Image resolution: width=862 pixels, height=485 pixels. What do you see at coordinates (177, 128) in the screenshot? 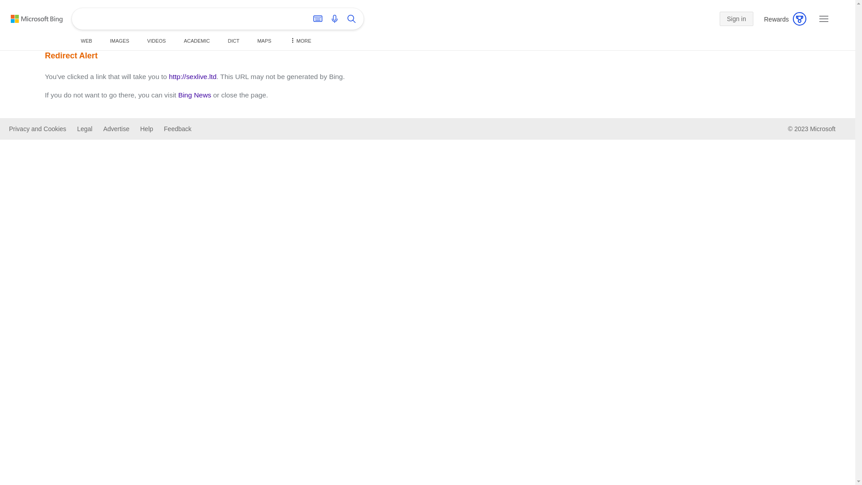
I see `'Feedback'` at bounding box center [177, 128].